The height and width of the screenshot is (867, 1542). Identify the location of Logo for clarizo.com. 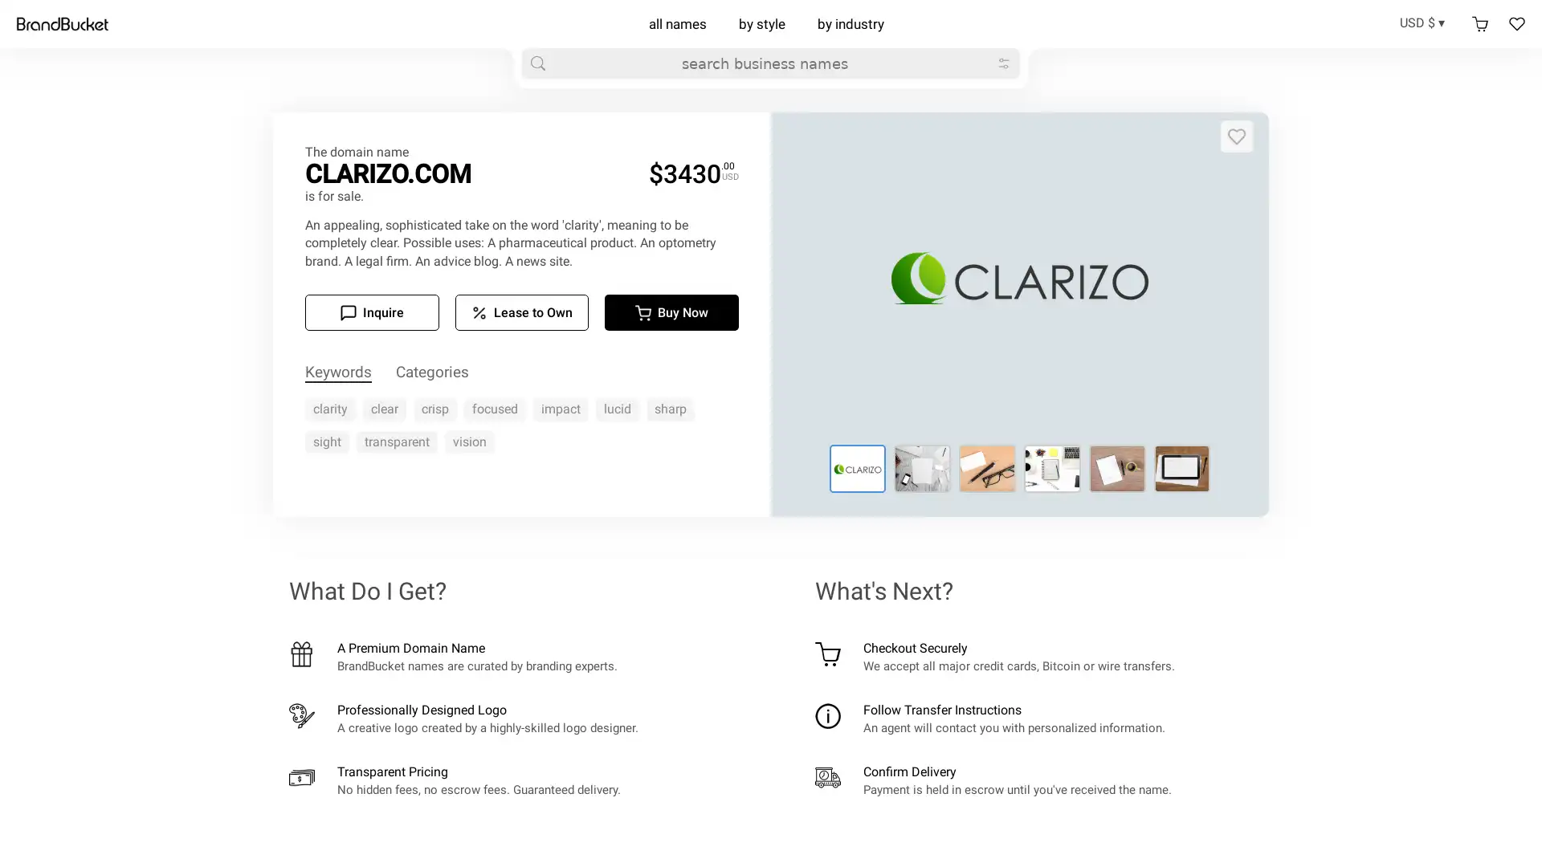
(1116, 468).